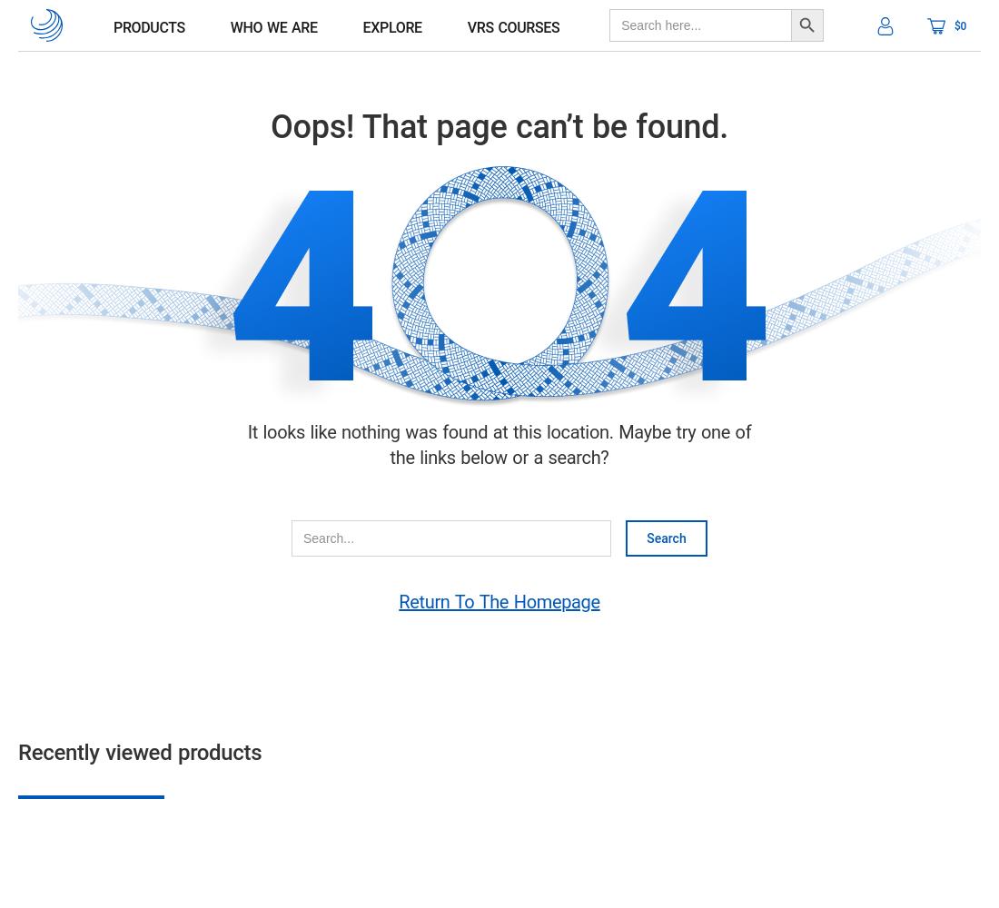  What do you see at coordinates (457, 82) in the screenshot?
I see `'Blog'` at bounding box center [457, 82].